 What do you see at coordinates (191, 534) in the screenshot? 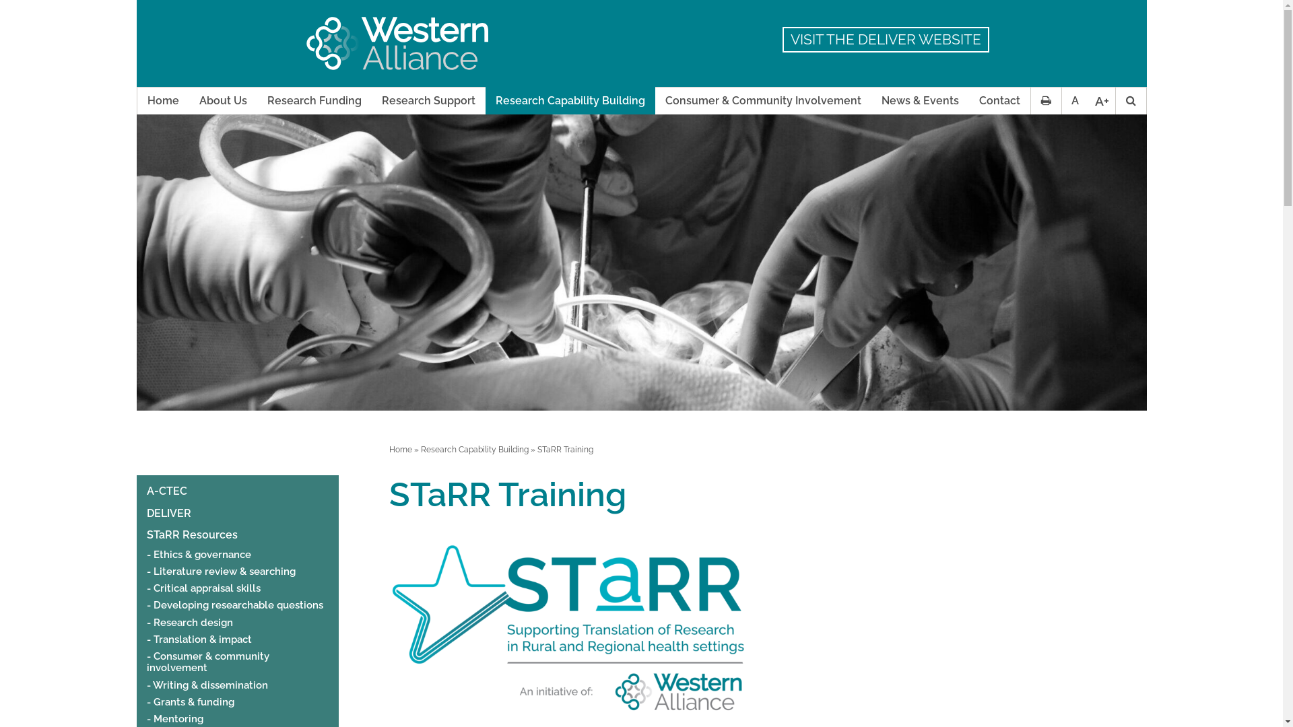
I see `'STaRR Resources'` at bounding box center [191, 534].